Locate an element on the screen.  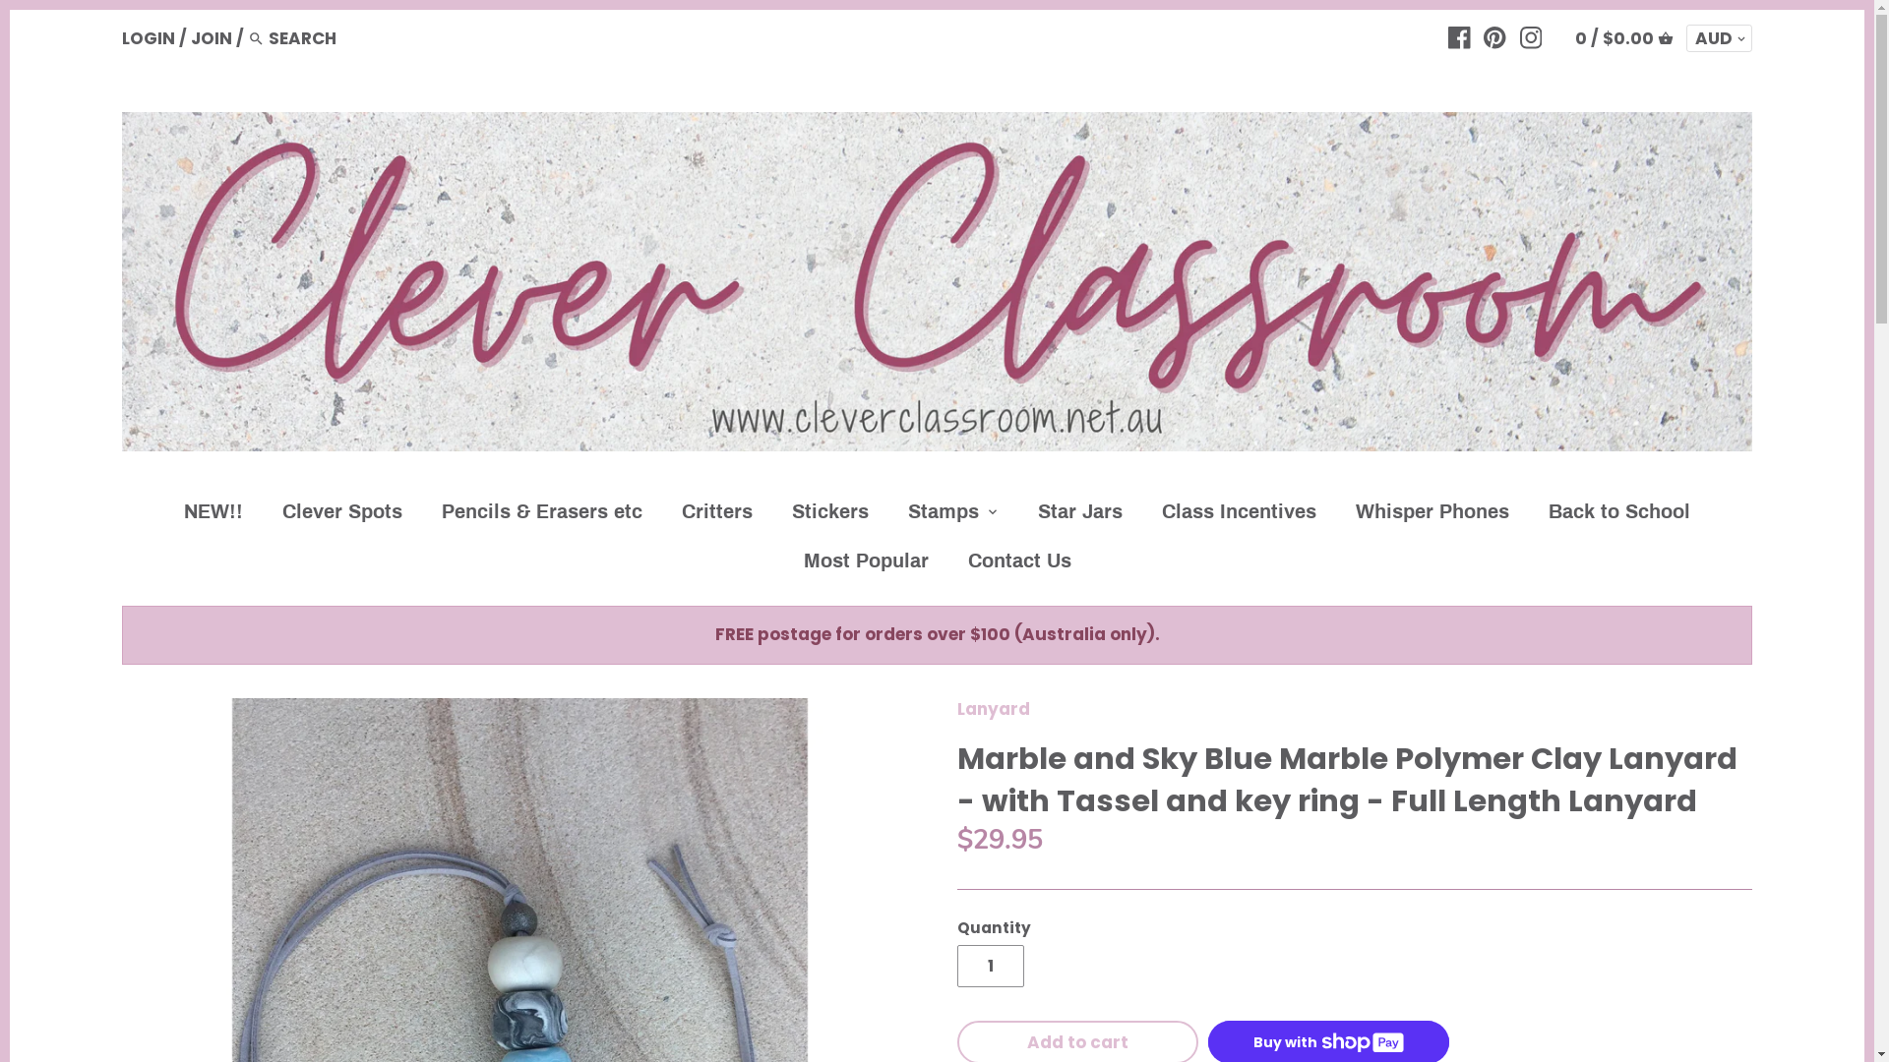
'Clever Spots' is located at coordinates (342, 514).